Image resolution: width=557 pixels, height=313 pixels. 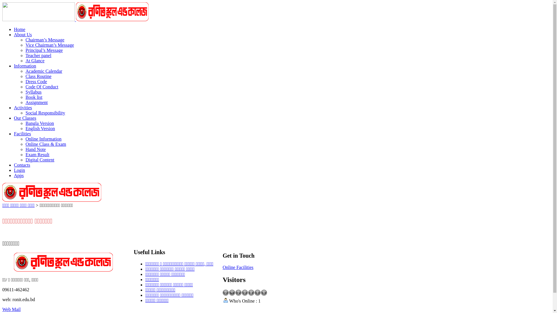 What do you see at coordinates (44, 71) in the screenshot?
I see `'Academic Calendar'` at bounding box center [44, 71].